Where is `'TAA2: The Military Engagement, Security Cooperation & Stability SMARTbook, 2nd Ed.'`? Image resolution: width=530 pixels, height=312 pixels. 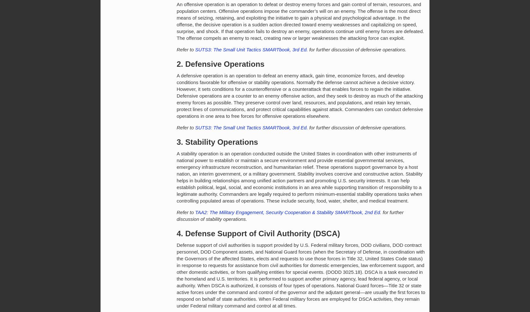
'TAA2: The Military Engagement, Security Cooperation & Stability SMARTbook, 2nd Ed.' is located at coordinates (195, 212).